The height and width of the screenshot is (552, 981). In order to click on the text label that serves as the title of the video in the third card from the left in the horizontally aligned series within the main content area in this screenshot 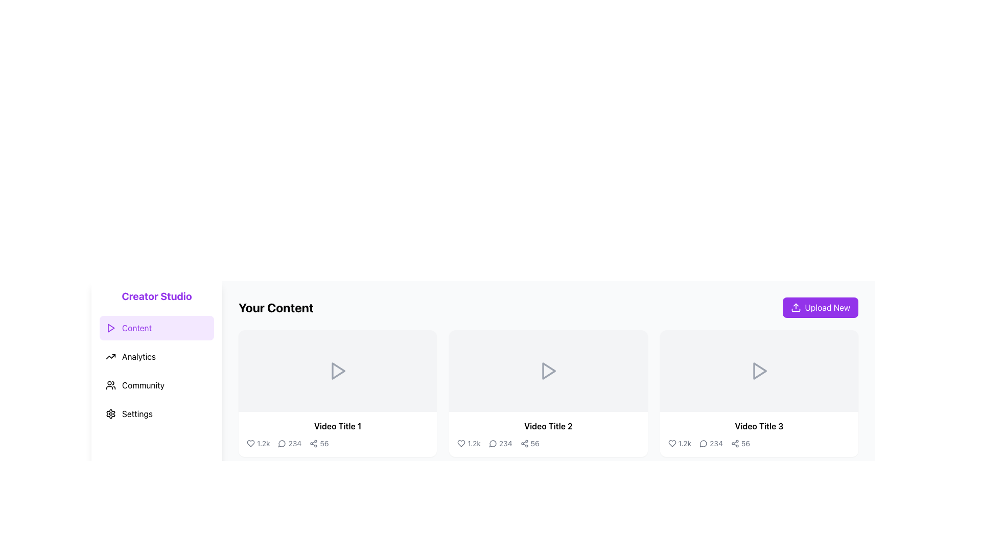, I will do `click(759, 426)`.